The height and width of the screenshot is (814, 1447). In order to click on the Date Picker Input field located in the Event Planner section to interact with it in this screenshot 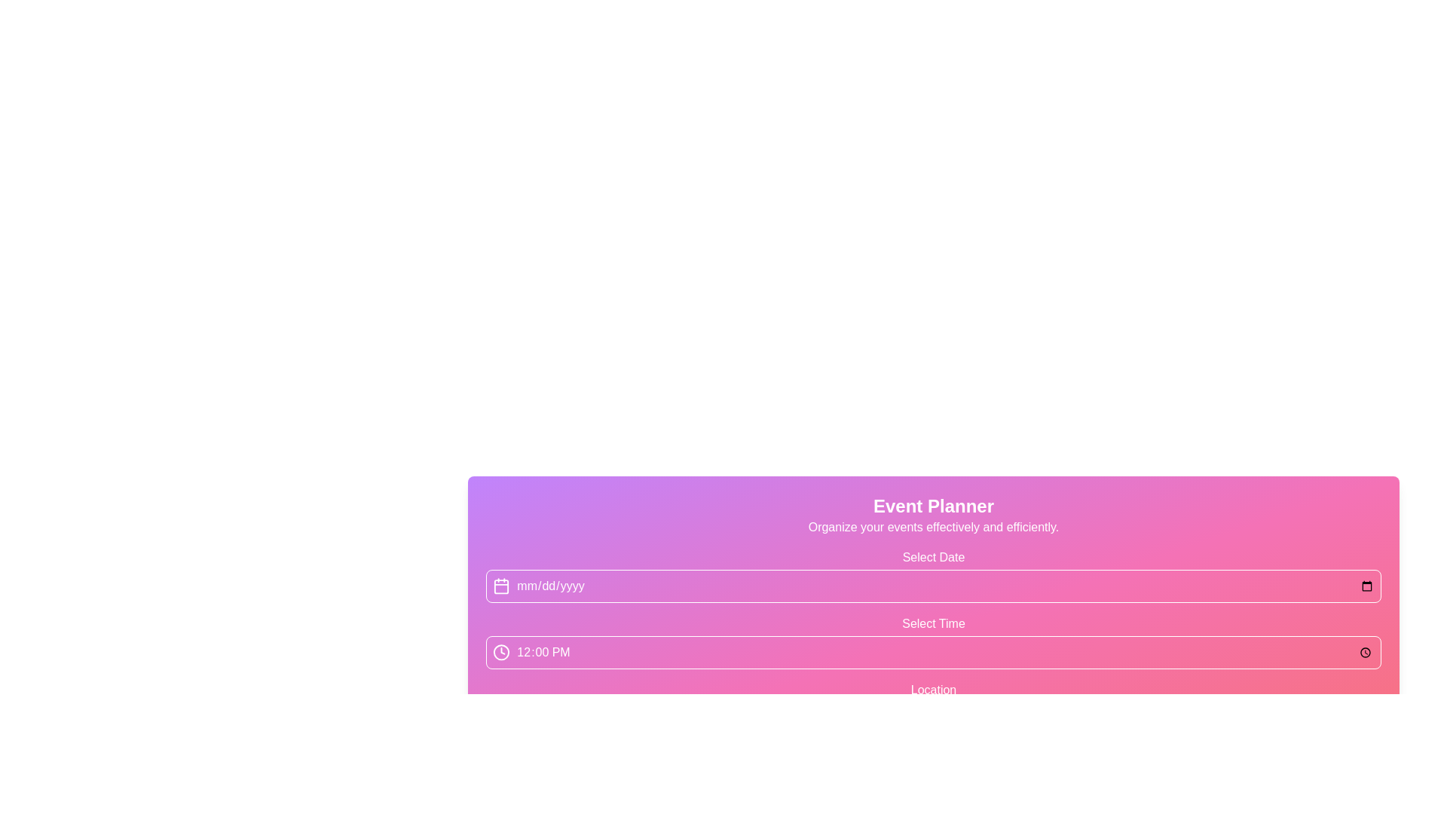, I will do `click(932, 575)`.